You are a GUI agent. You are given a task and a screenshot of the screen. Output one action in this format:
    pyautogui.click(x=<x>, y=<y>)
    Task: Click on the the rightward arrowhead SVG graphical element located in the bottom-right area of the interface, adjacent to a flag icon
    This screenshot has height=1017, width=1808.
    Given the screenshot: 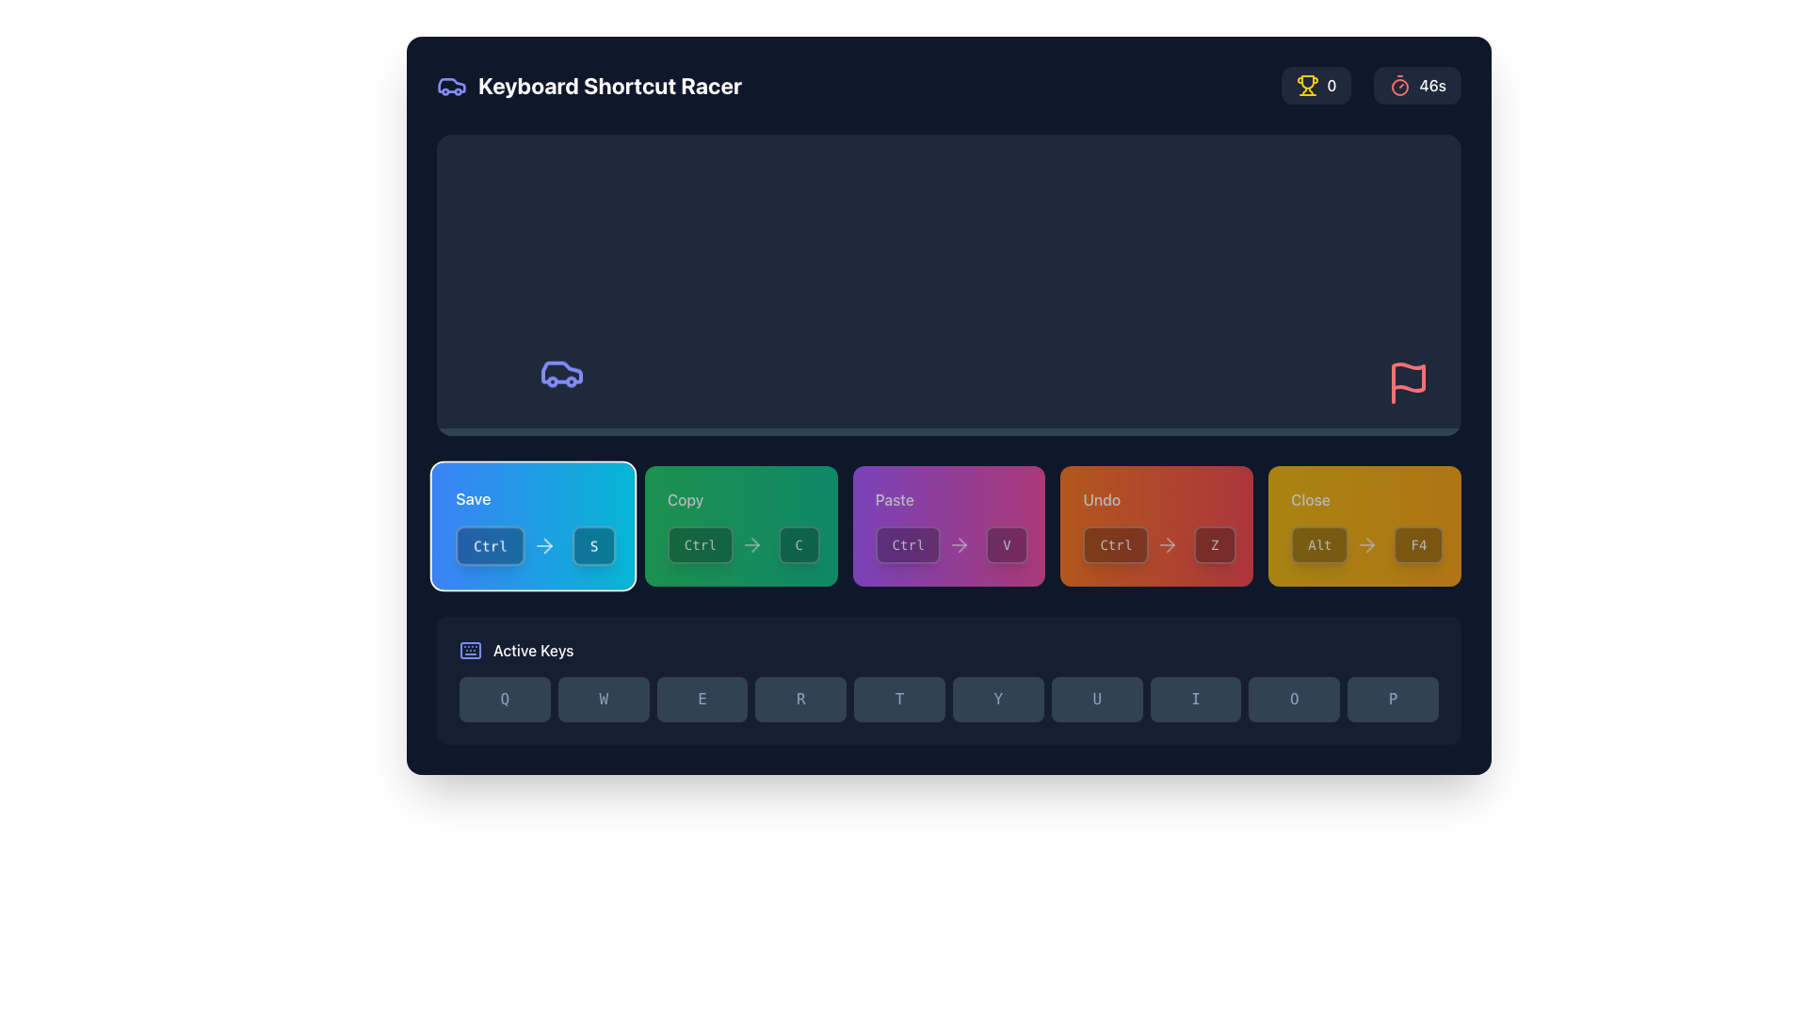 What is the action you would take?
    pyautogui.click(x=1170, y=544)
    